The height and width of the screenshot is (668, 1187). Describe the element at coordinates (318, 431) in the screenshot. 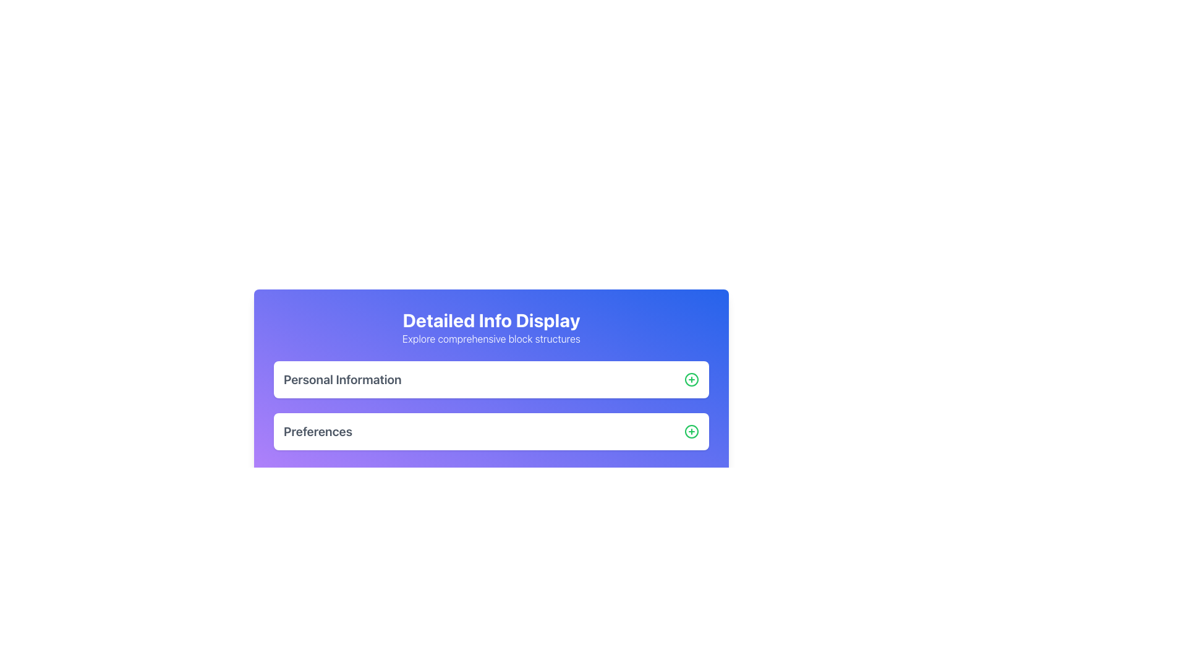

I see `the static text label displaying 'Preferences' in bold gray font, located under 'Personal Information' on a light blue background` at that location.